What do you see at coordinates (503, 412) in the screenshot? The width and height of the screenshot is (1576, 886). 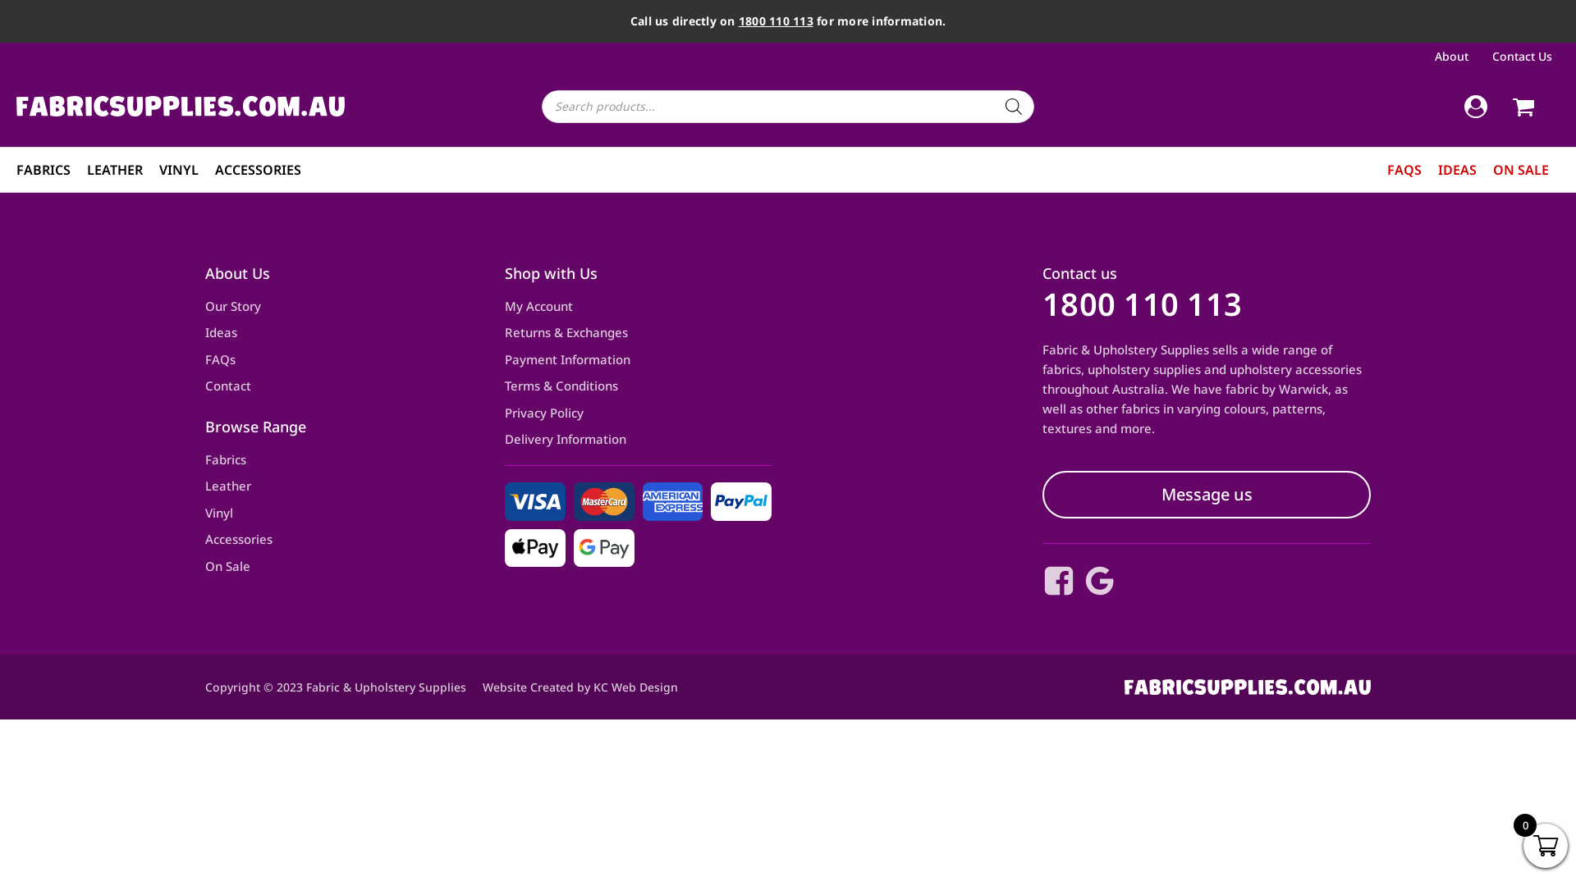 I see `'Privacy Policy'` at bounding box center [503, 412].